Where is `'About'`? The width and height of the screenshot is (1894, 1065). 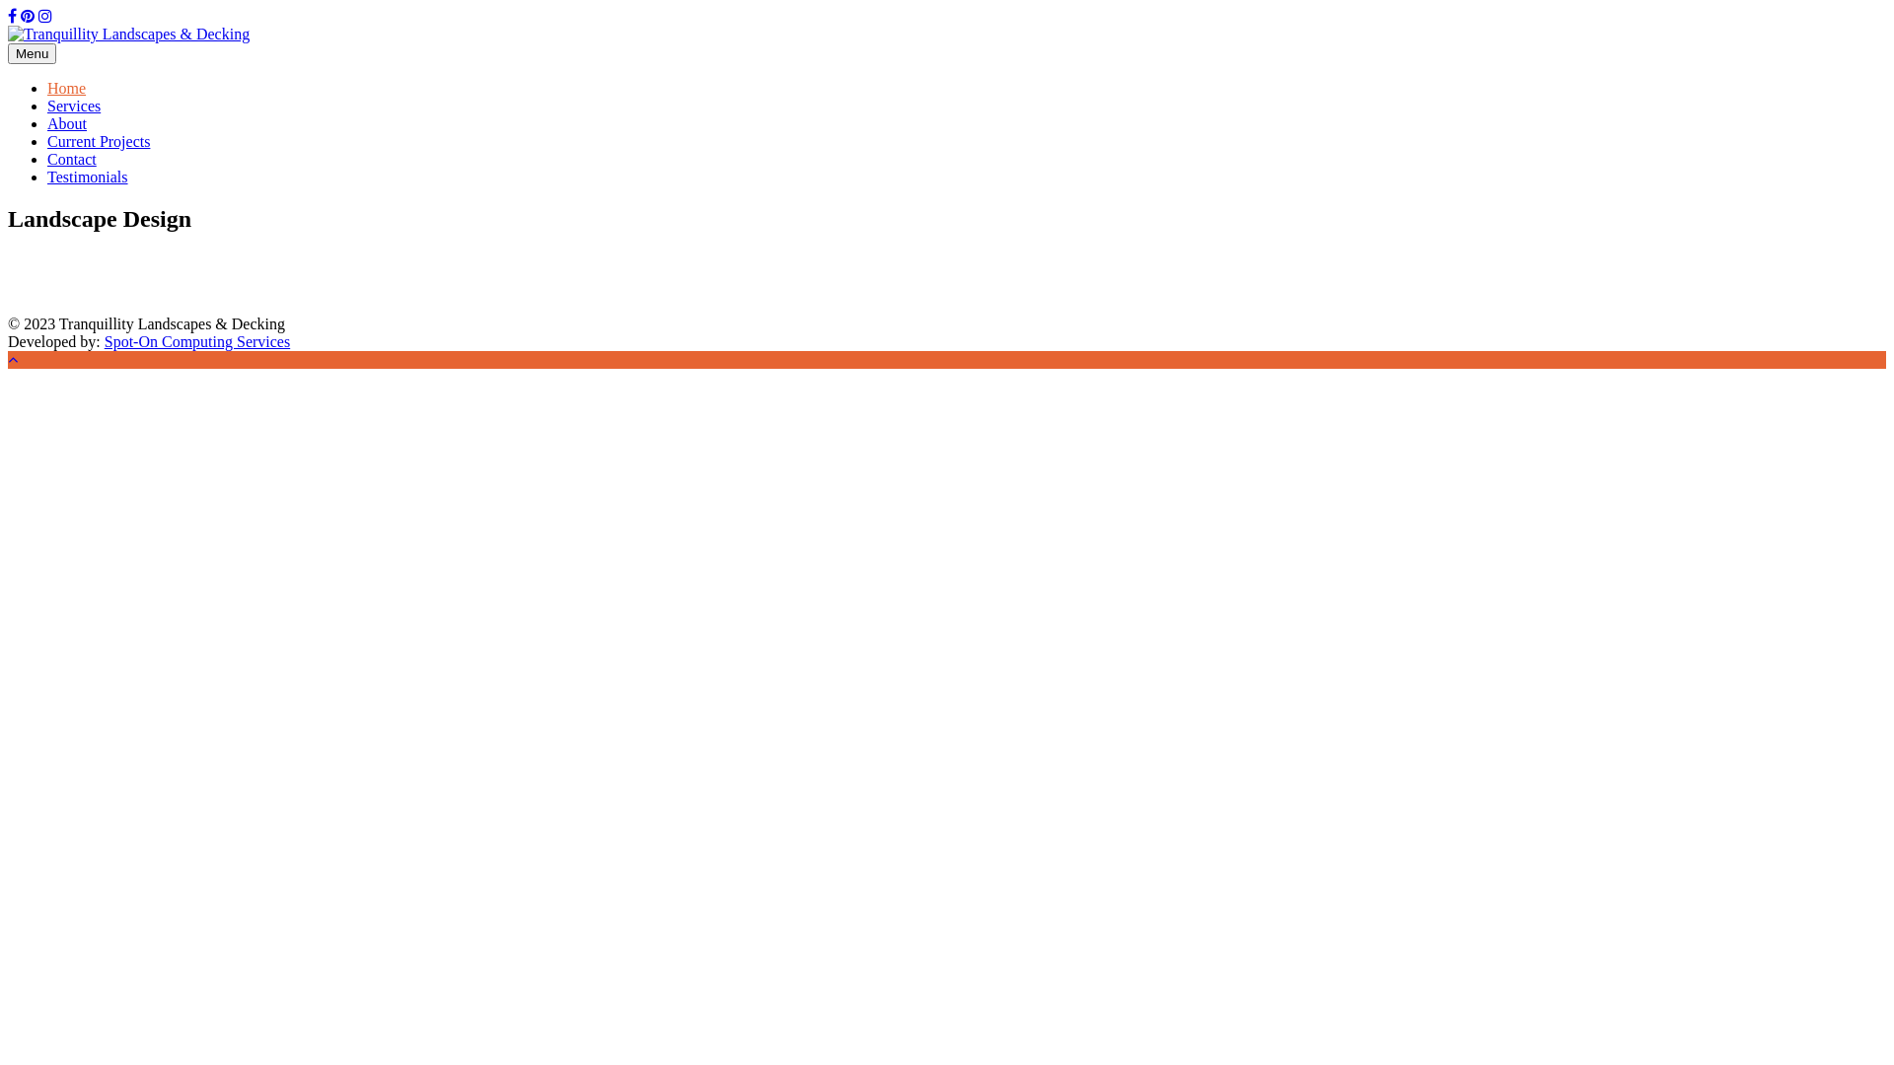 'About' is located at coordinates (66, 123).